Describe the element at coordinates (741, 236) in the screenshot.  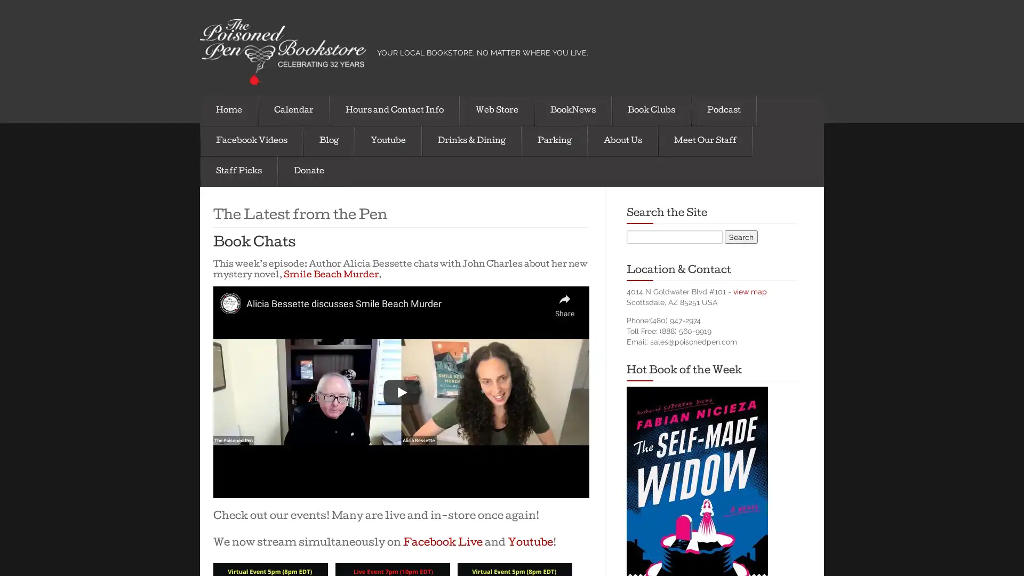
I see `Search` at that location.